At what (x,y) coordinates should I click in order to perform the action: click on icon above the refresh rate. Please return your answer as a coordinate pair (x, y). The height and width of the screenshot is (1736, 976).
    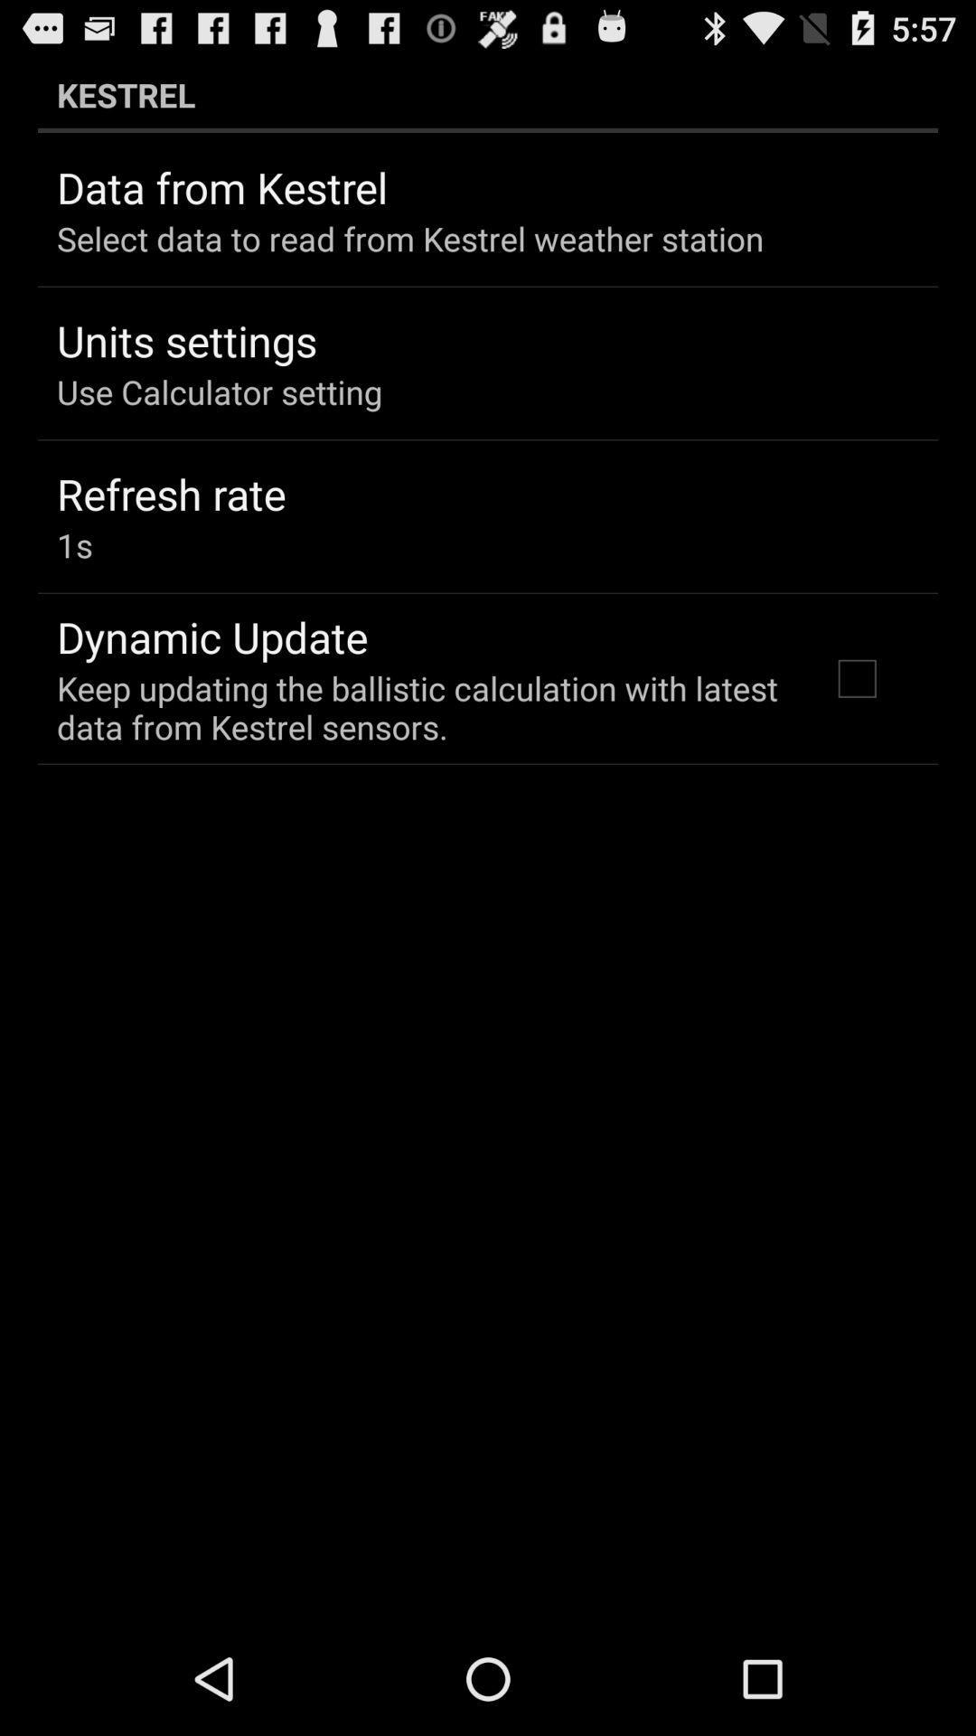
    Looking at the image, I should click on (219, 391).